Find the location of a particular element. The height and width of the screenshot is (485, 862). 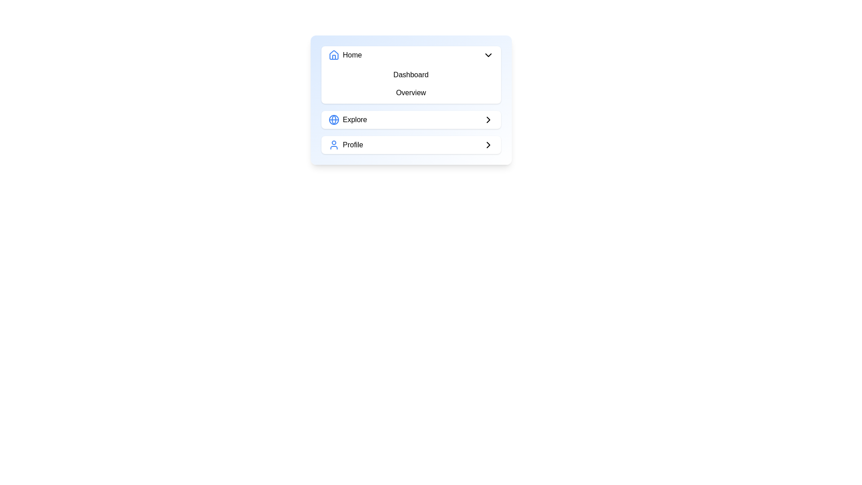

the 'Dashboard' Text Button, which is styled with a light background and rounded corners is located at coordinates (410, 74).